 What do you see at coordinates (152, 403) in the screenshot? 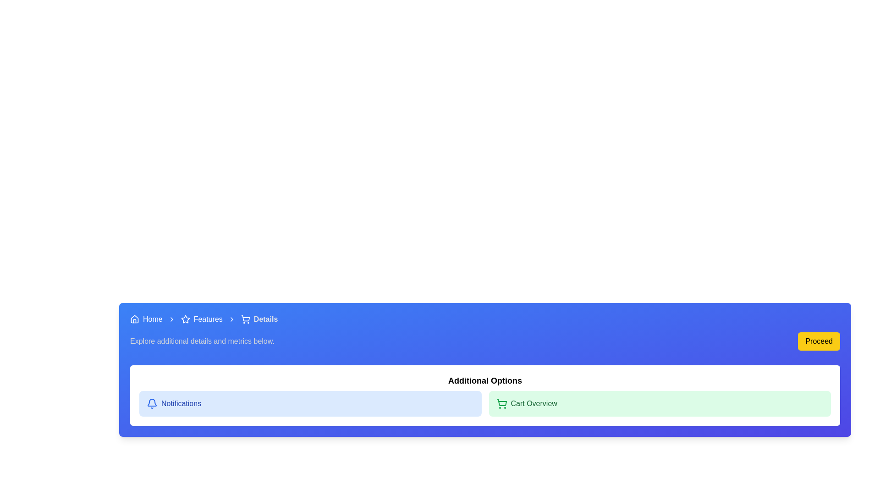
I see `the bell icon located to the far left of the 'Notifications' text` at bounding box center [152, 403].